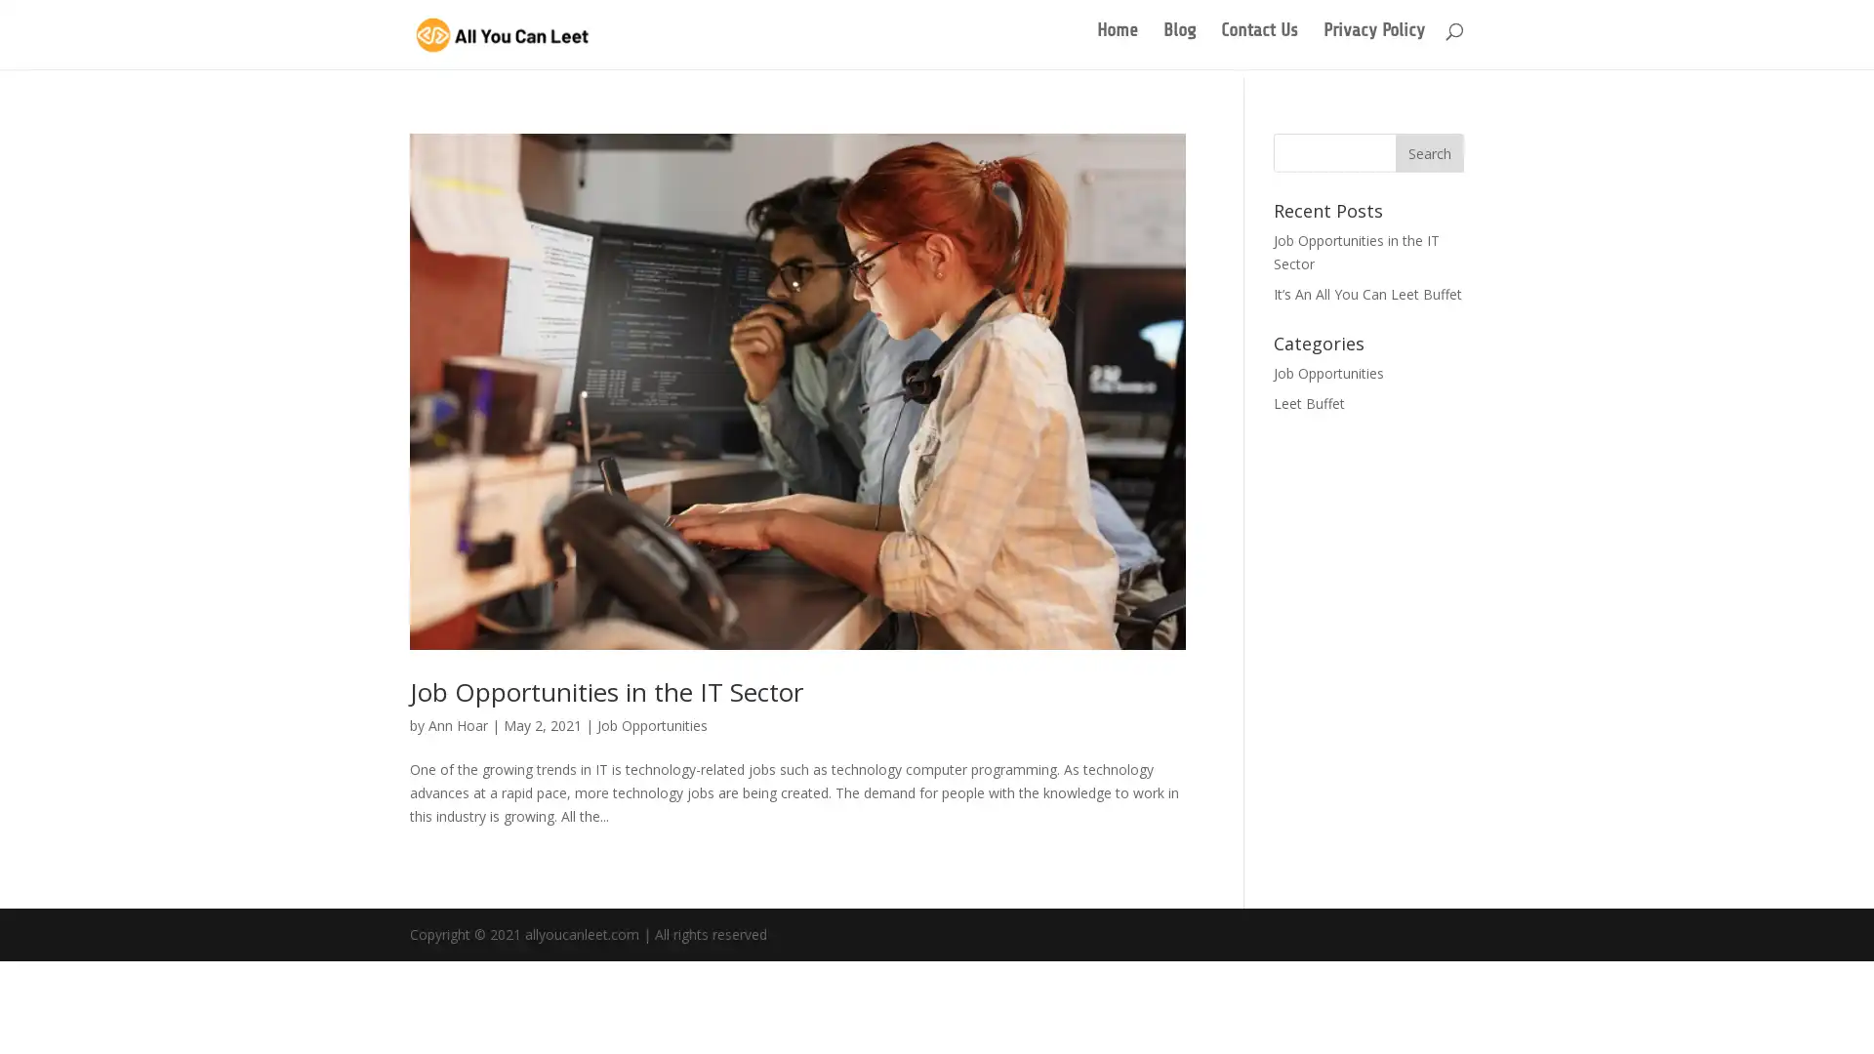  I want to click on Search, so click(1429, 146).